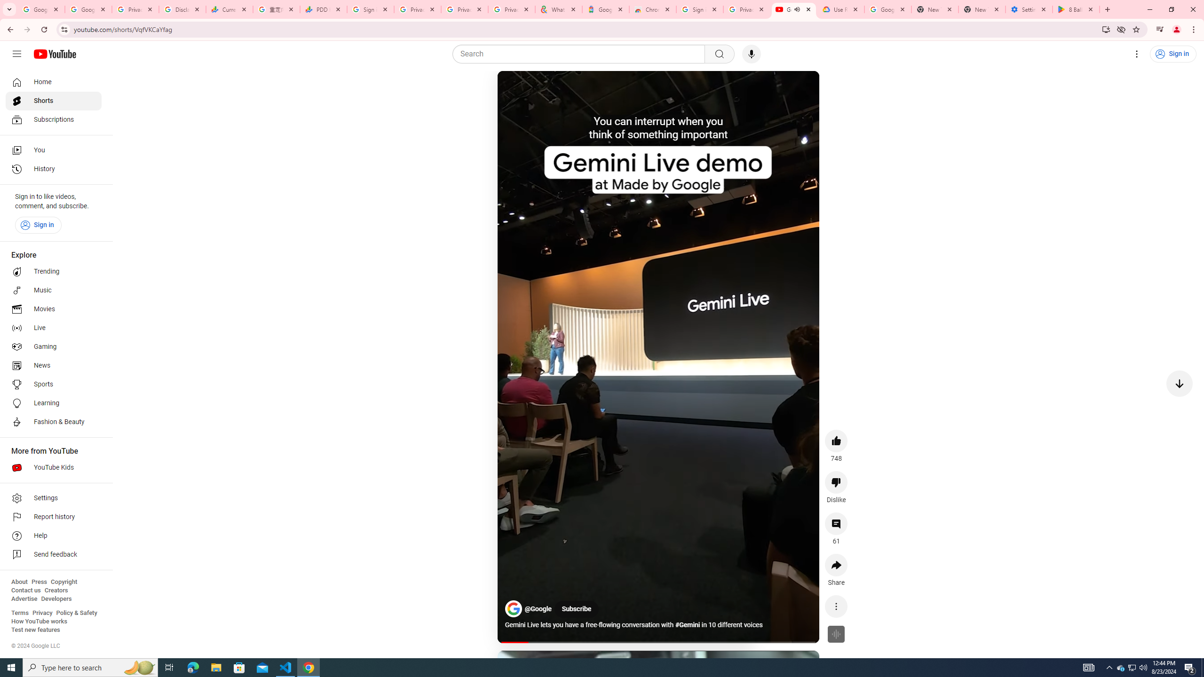 The width and height of the screenshot is (1204, 677). What do you see at coordinates (688, 625) in the screenshot?
I see `'#Gemini'` at bounding box center [688, 625].